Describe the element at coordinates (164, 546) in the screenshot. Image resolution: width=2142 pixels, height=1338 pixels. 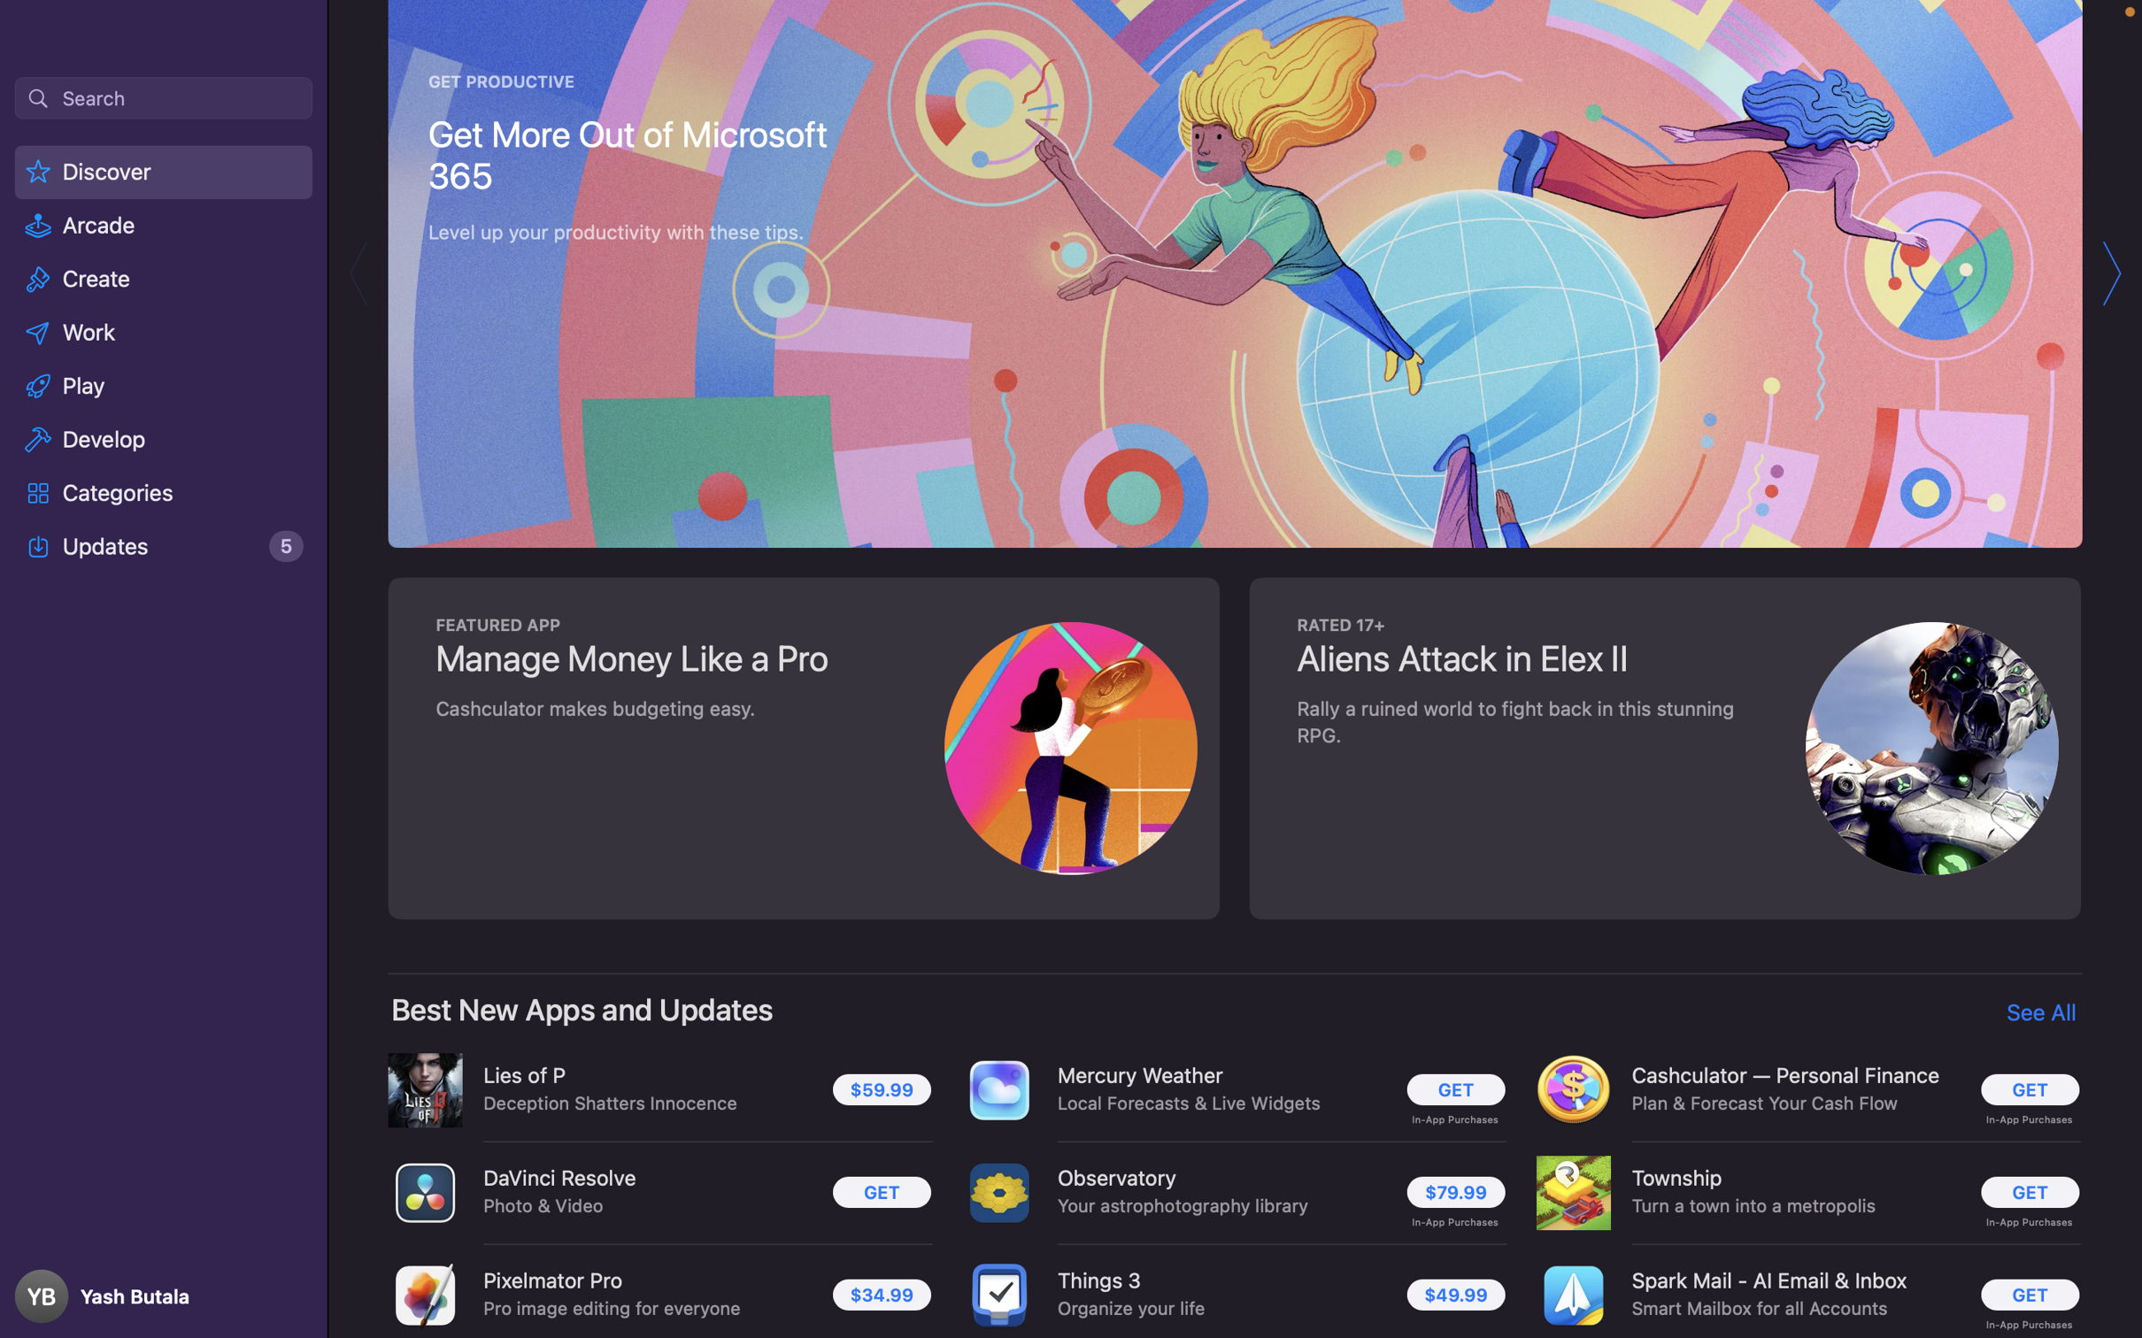
I see `and click on the tab named "Updates"` at that location.